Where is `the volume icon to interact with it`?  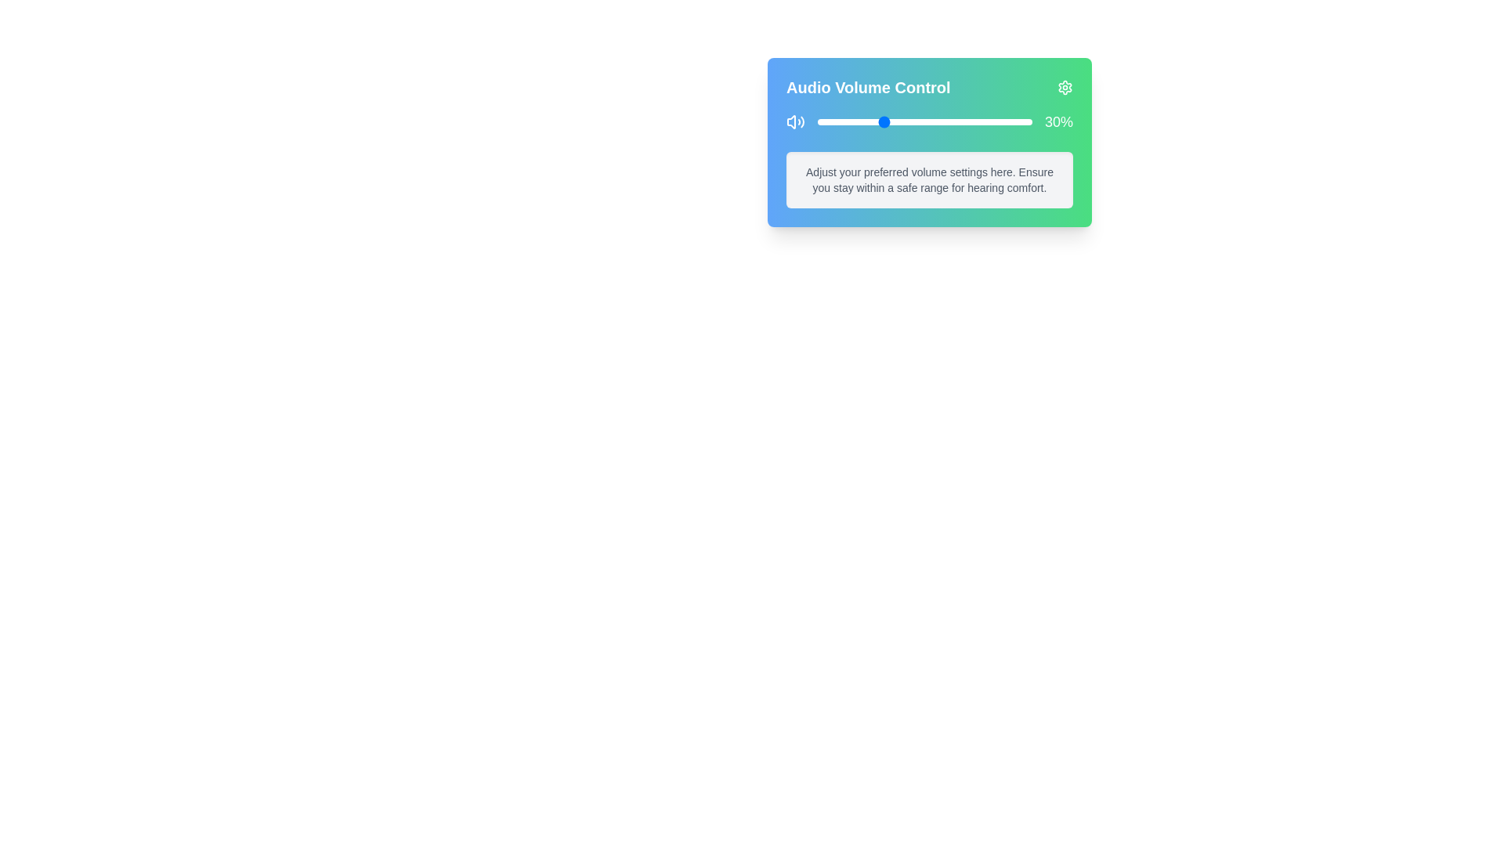 the volume icon to interact with it is located at coordinates (796, 121).